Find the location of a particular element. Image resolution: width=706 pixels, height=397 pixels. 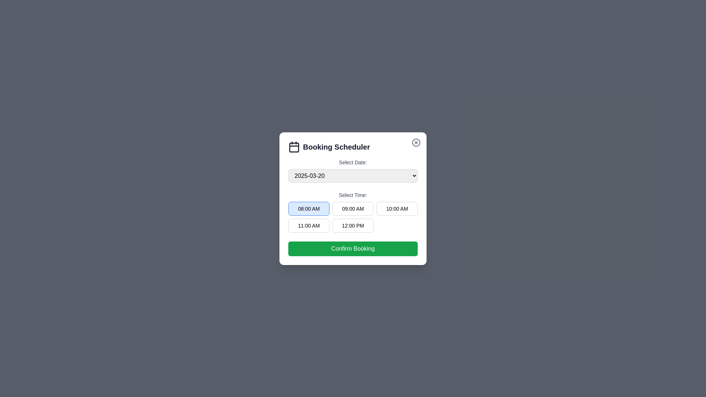

the Dropdown menu located near the top of the centered modal titled 'Booking Scheduler' is located at coordinates (353, 170).